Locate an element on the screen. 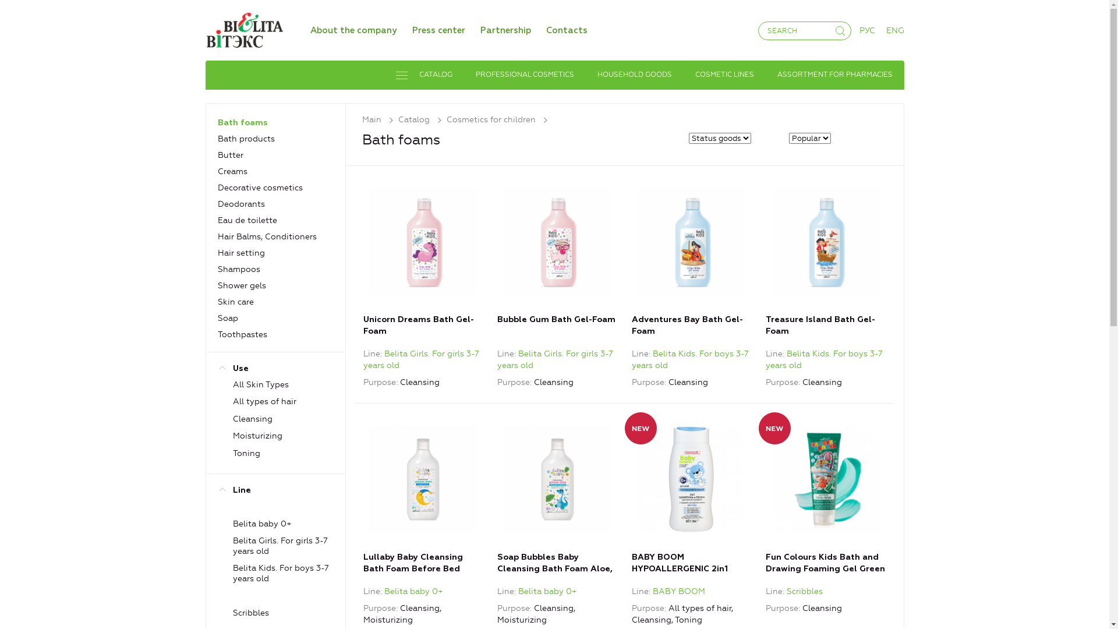 This screenshot has height=629, width=1118. 'Hair Balms, Conditioners' is located at coordinates (267, 236).